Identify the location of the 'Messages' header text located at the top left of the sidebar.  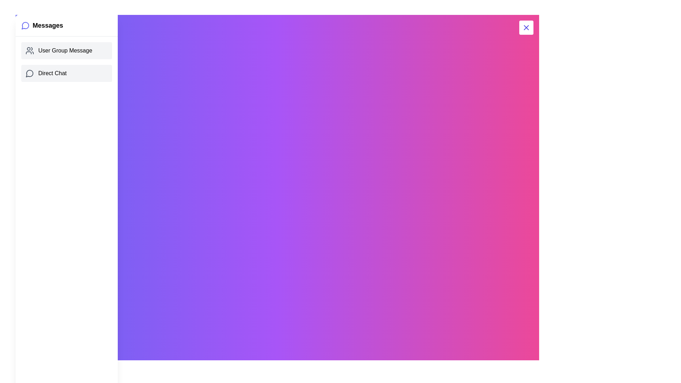
(47, 25).